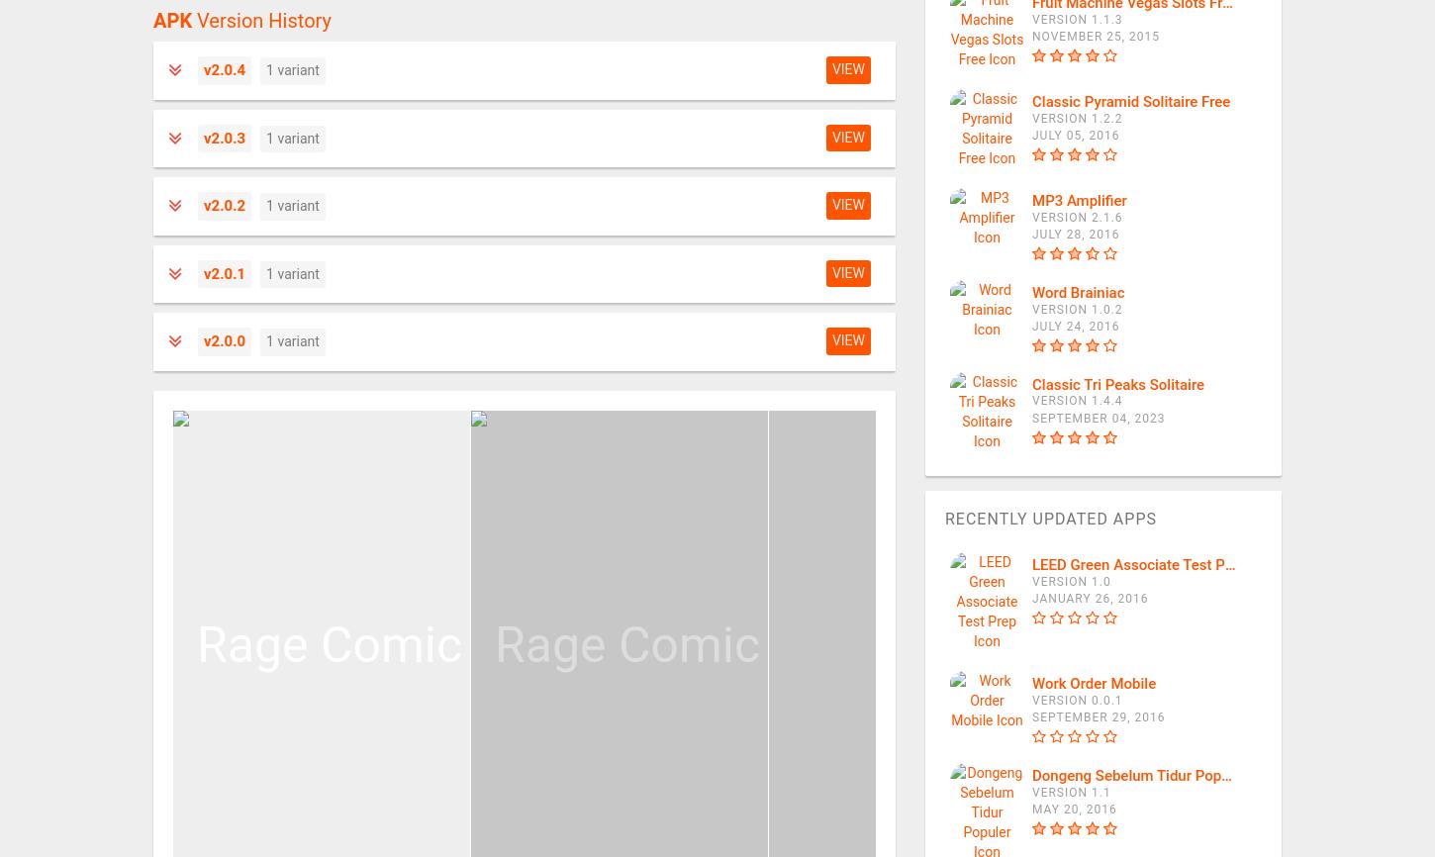 The width and height of the screenshot is (1435, 857). Describe the element at coordinates (152, 20) in the screenshot. I see `'APK'` at that location.